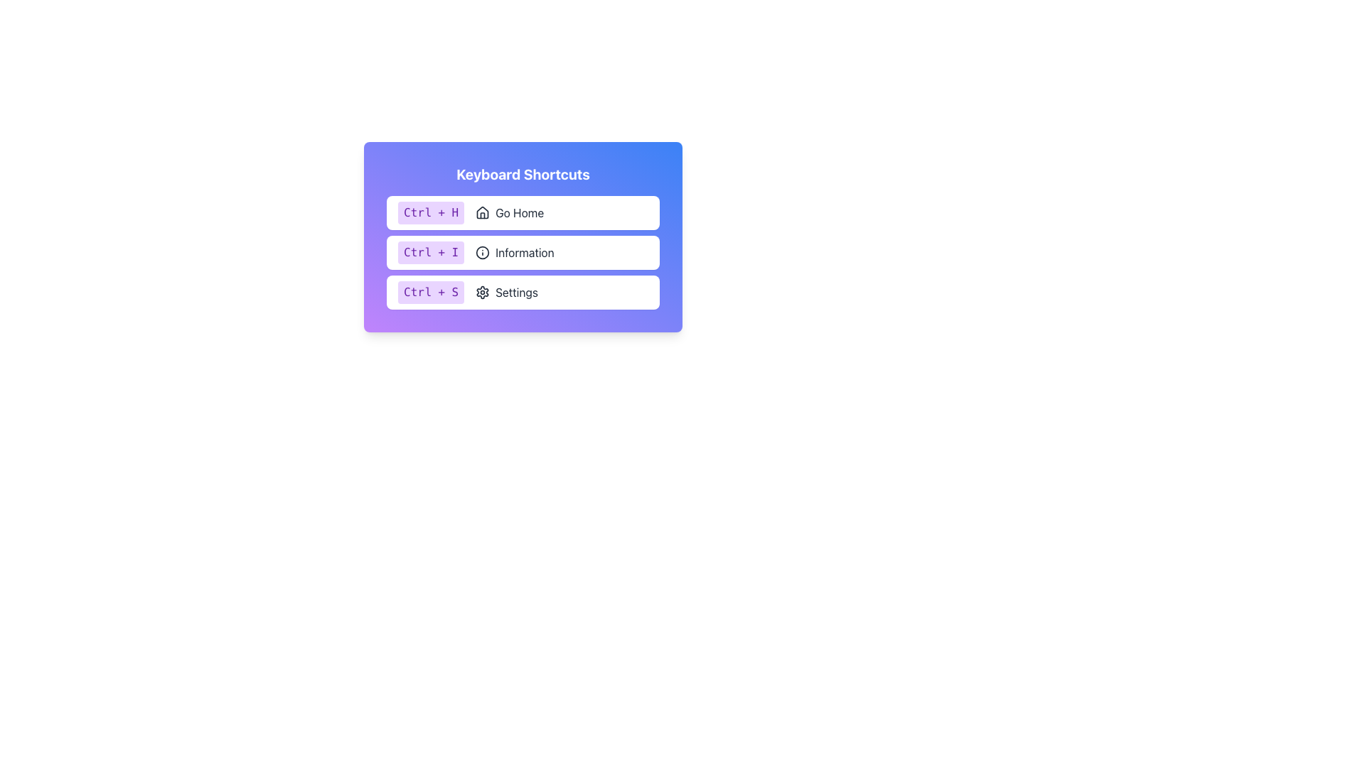  What do you see at coordinates (483, 213) in the screenshot?
I see `the 'Go Home' icon, which is positioned on the left side of the label text 'Go Home' in the first row of the keyboard shortcuts list` at bounding box center [483, 213].